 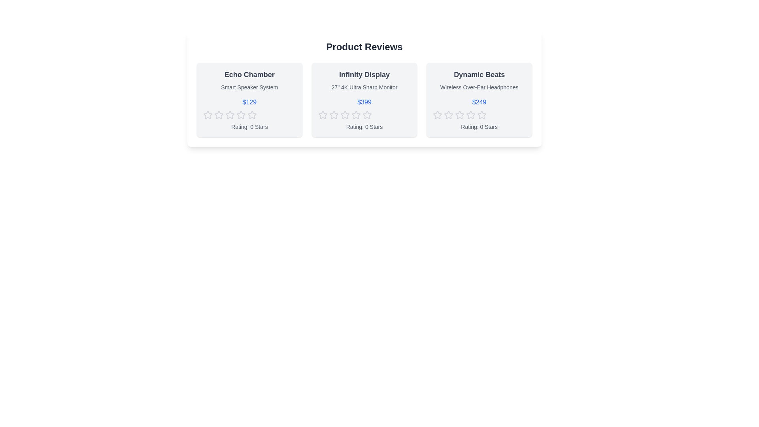 I want to click on the second star icon in the row of five stars to rate the product 'Echo Chamber', so click(x=240, y=115).